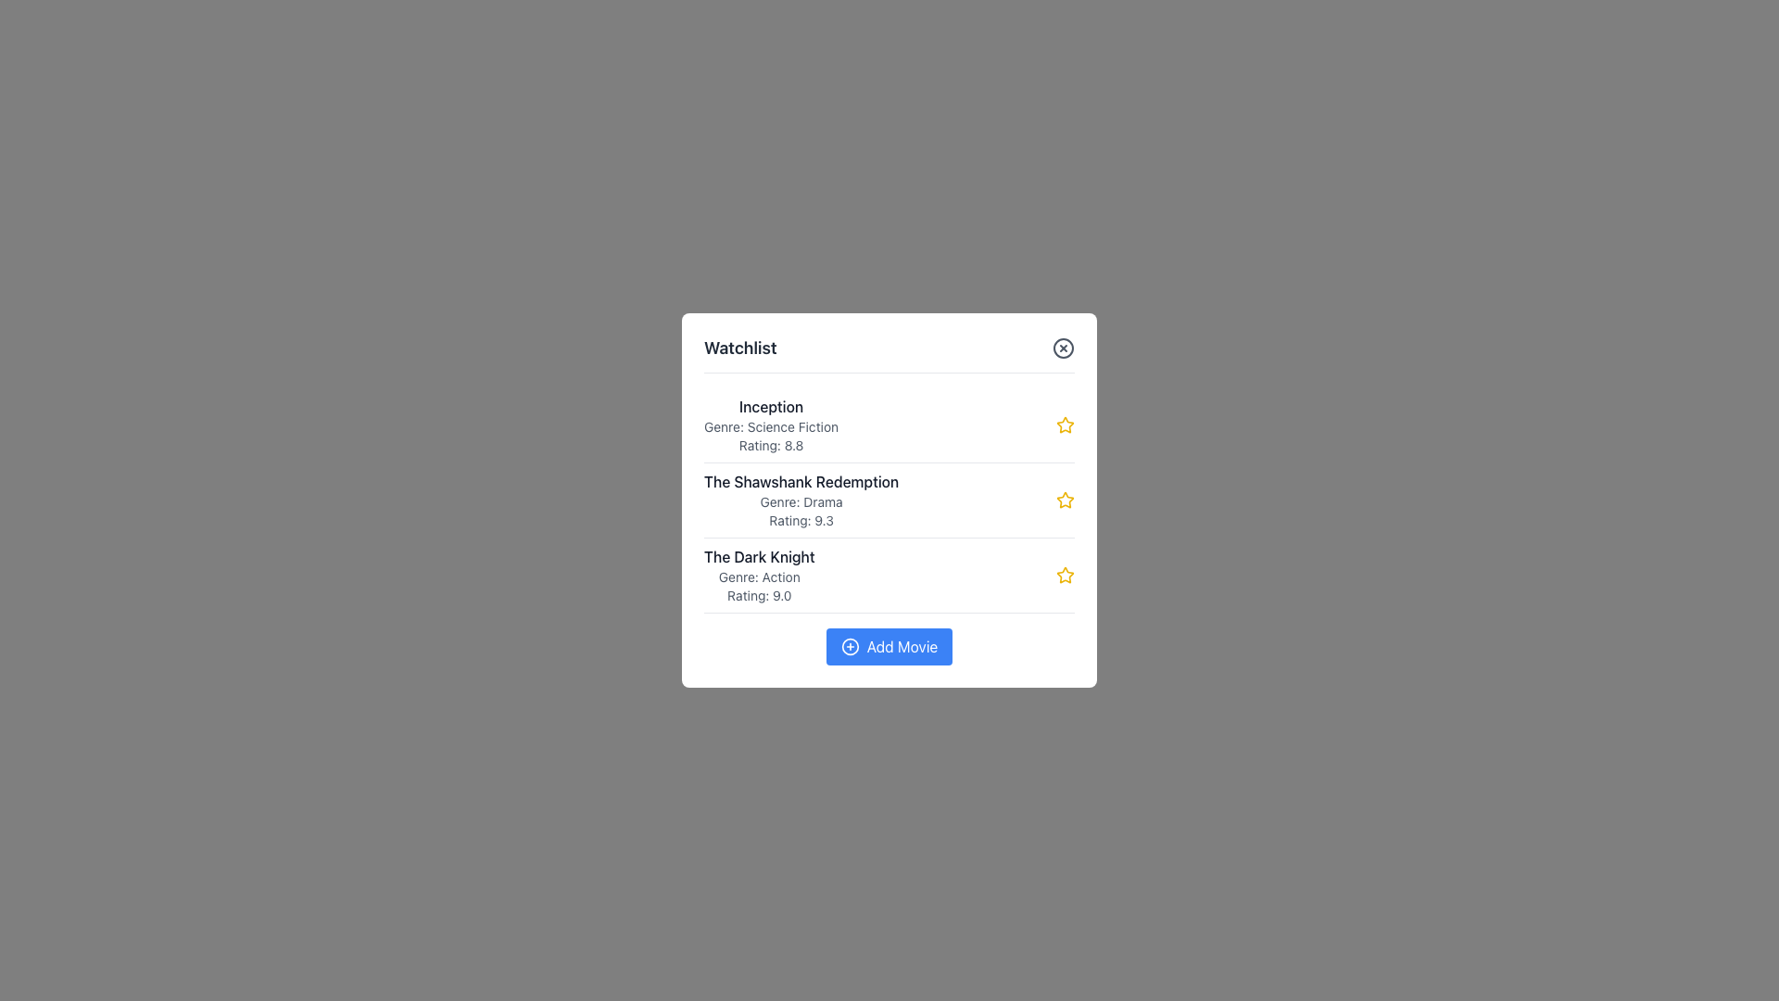 This screenshot has width=1779, height=1001. Describe the element at coordinates (759, 577) in the screenshot. I see `text displayed in the genre label indicating 'Action', located beneath 'The Dark Knight' title and above 'Rating: 9.0'` at that location.